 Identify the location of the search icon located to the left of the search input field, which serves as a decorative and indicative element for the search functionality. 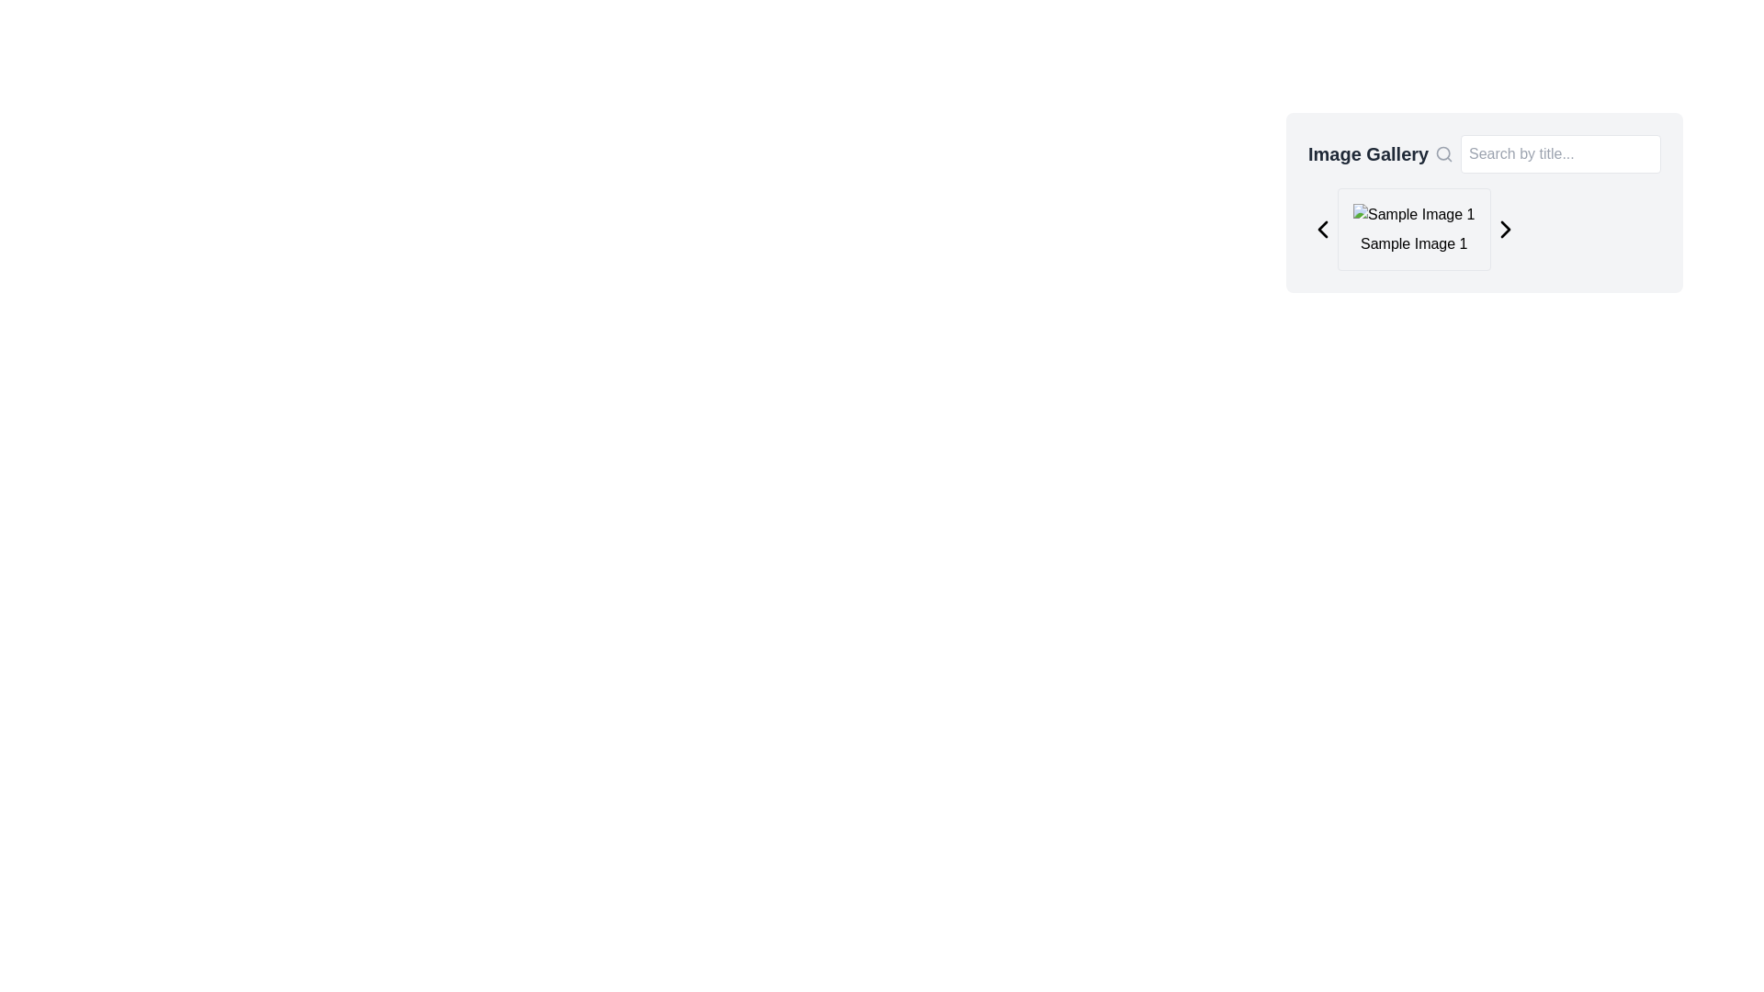
(1442, 153).